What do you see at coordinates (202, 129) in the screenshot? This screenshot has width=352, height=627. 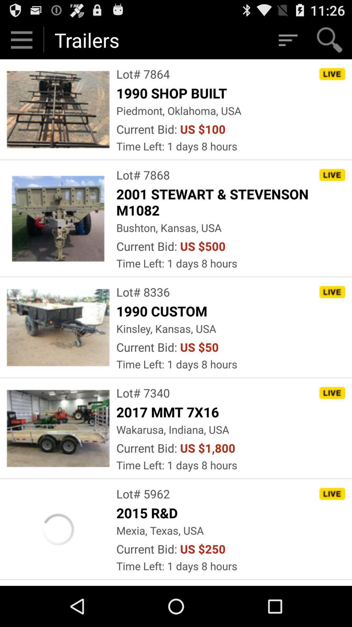 I see `the item to the right of the current bid:  app` at bounding box center [202, 129].